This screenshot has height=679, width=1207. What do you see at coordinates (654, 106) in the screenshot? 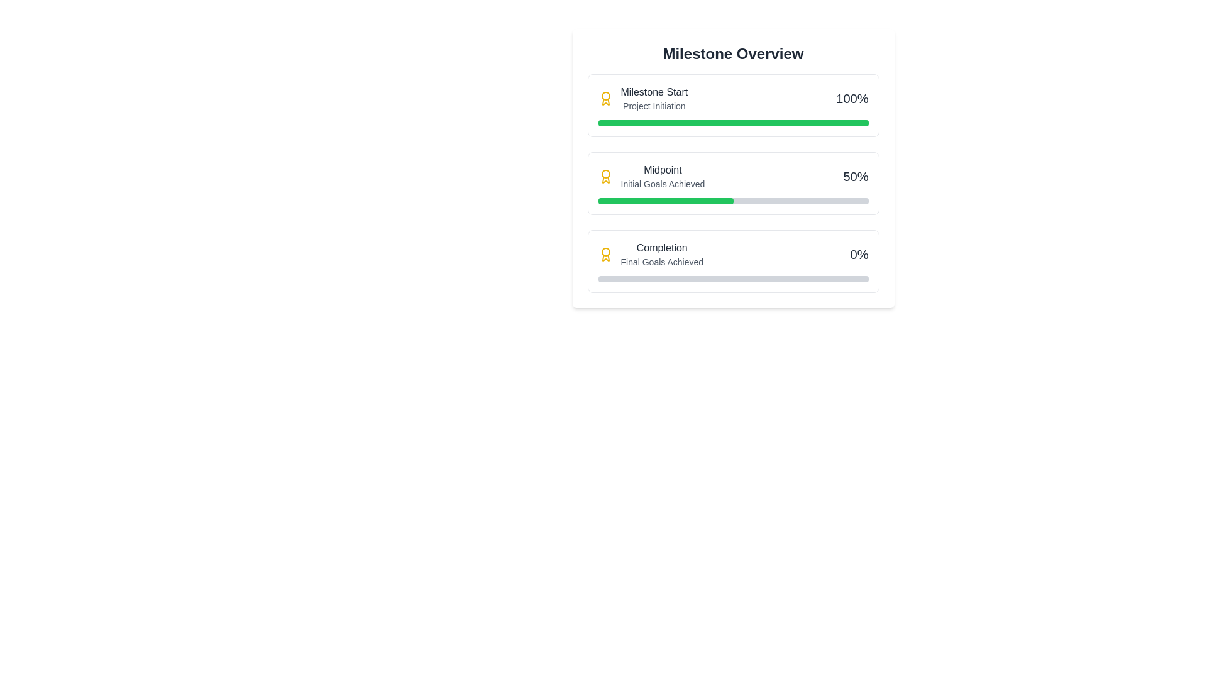
I see `the text label displaying 'Project Initiation', which is located beneath the 'Milestone Start' label in the milestone overview` at bounding box center [654, 106].